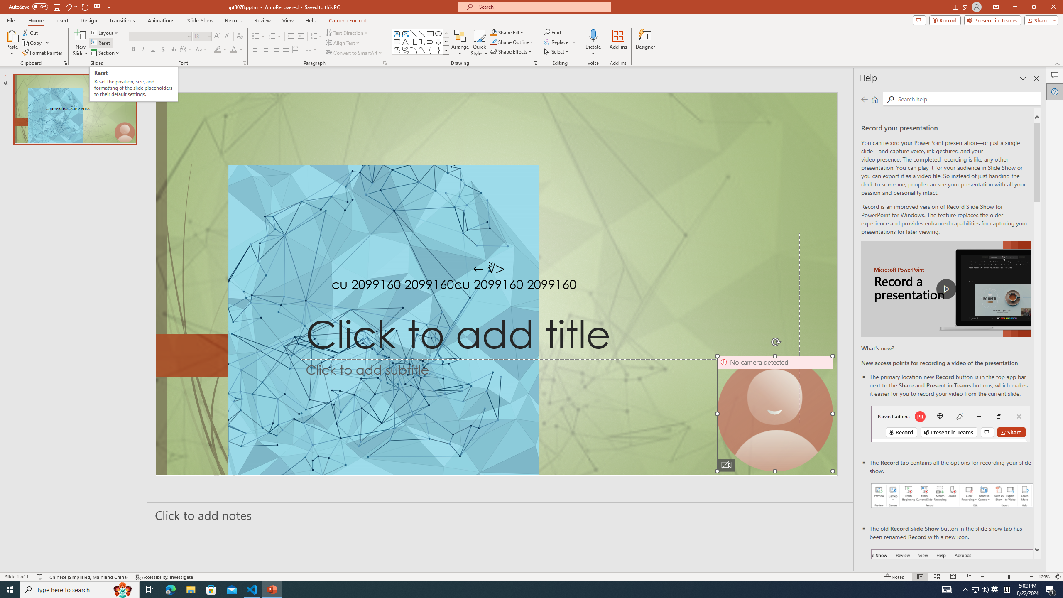 Image resolution: width=1063 pixels, height=598 pixels. Describe the element at coordinates (421, 49) in the screenshot. I see `'Curve'` at that location.